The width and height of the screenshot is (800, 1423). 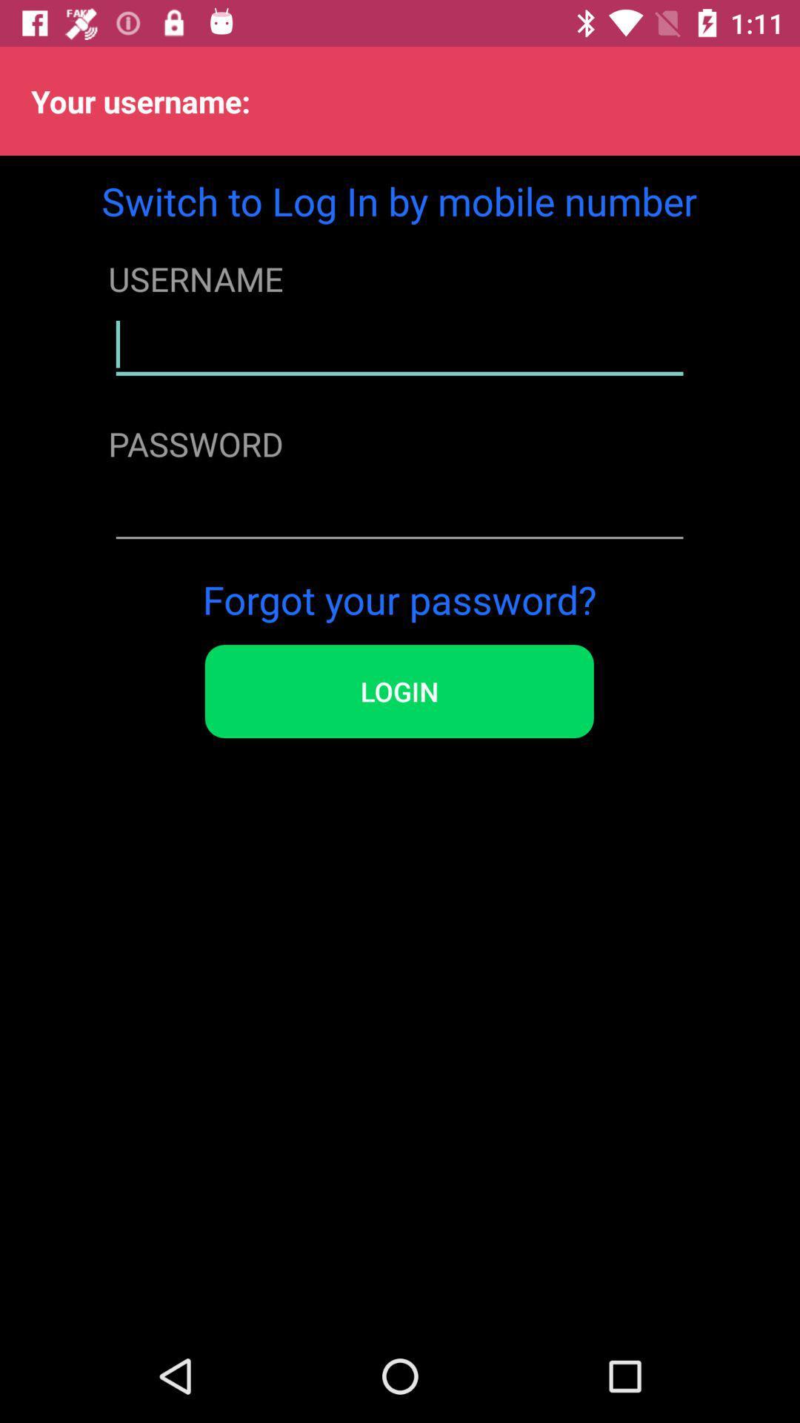 I want to click on item above the login, so click(x=399, y=599).